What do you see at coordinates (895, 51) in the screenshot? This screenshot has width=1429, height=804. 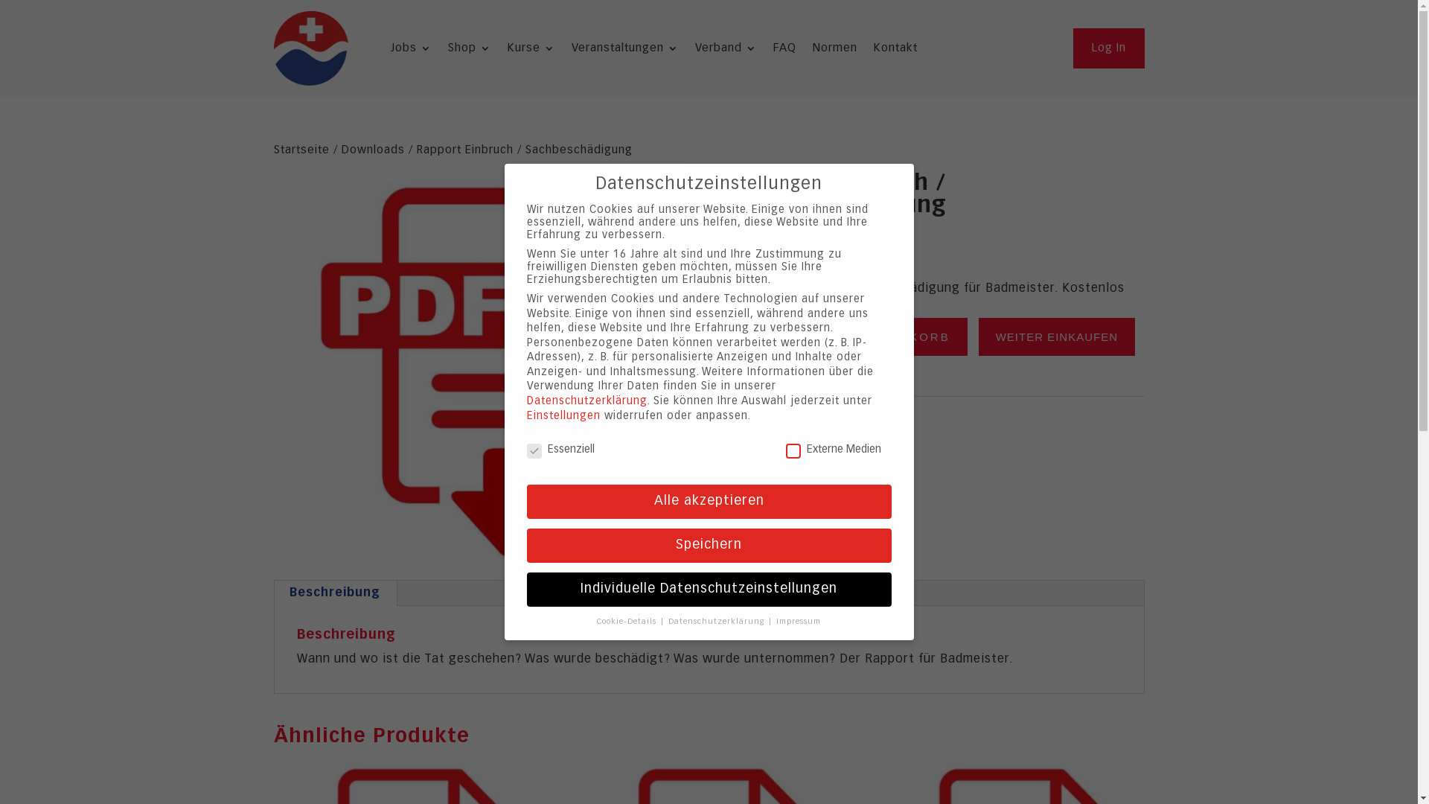 I see `'Kontakt'` at bounding box center [895, 51].